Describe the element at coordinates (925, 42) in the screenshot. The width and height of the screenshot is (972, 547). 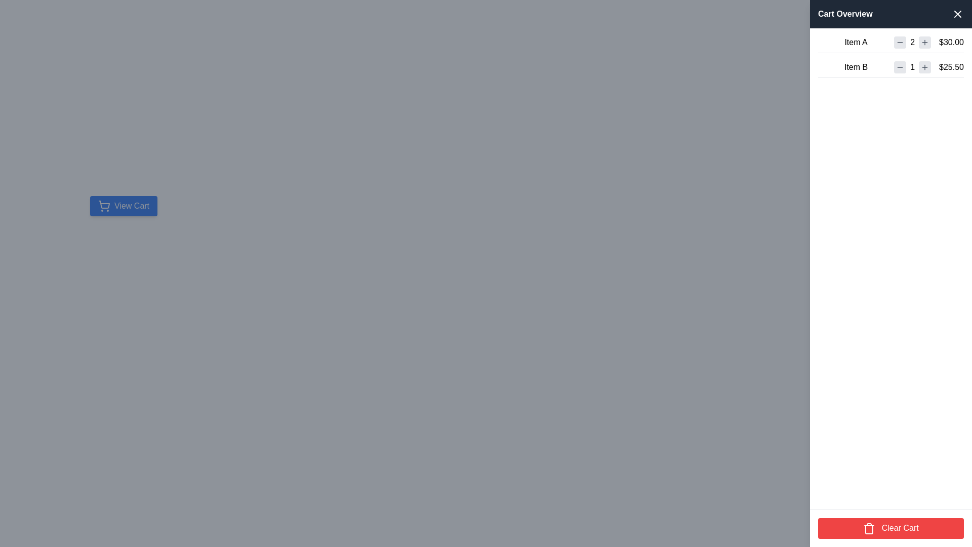
I see `the '+' button that increases the quantity of 'Item A' in the shopping cart` at that location.